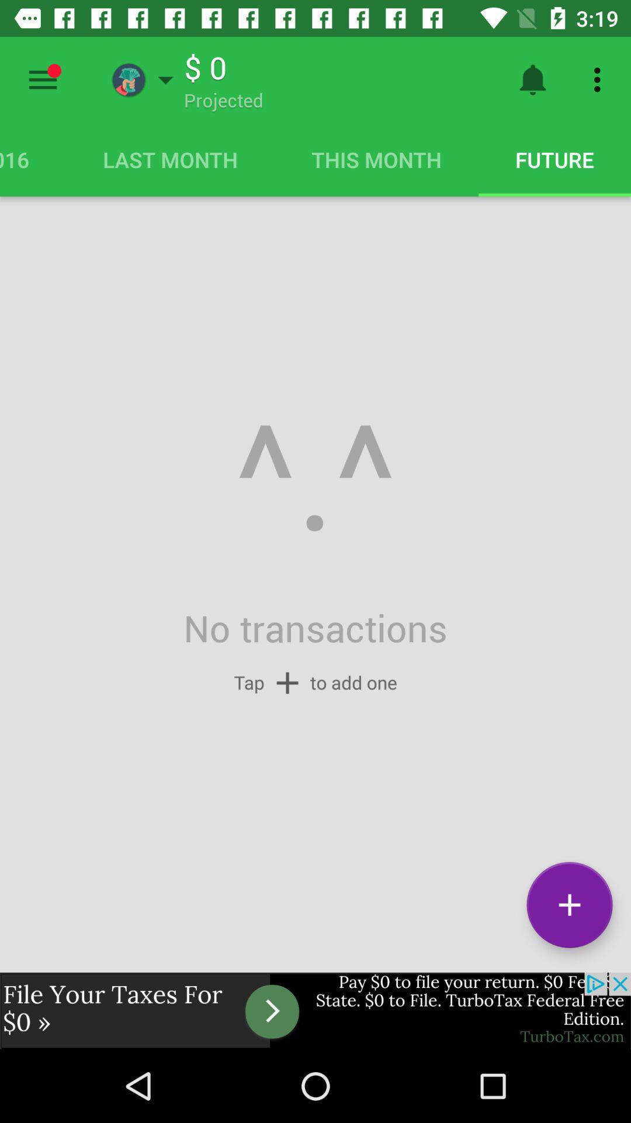  Describe the element at coordinates (42, 79) in the screenshot. I see `see the menu` at that location.